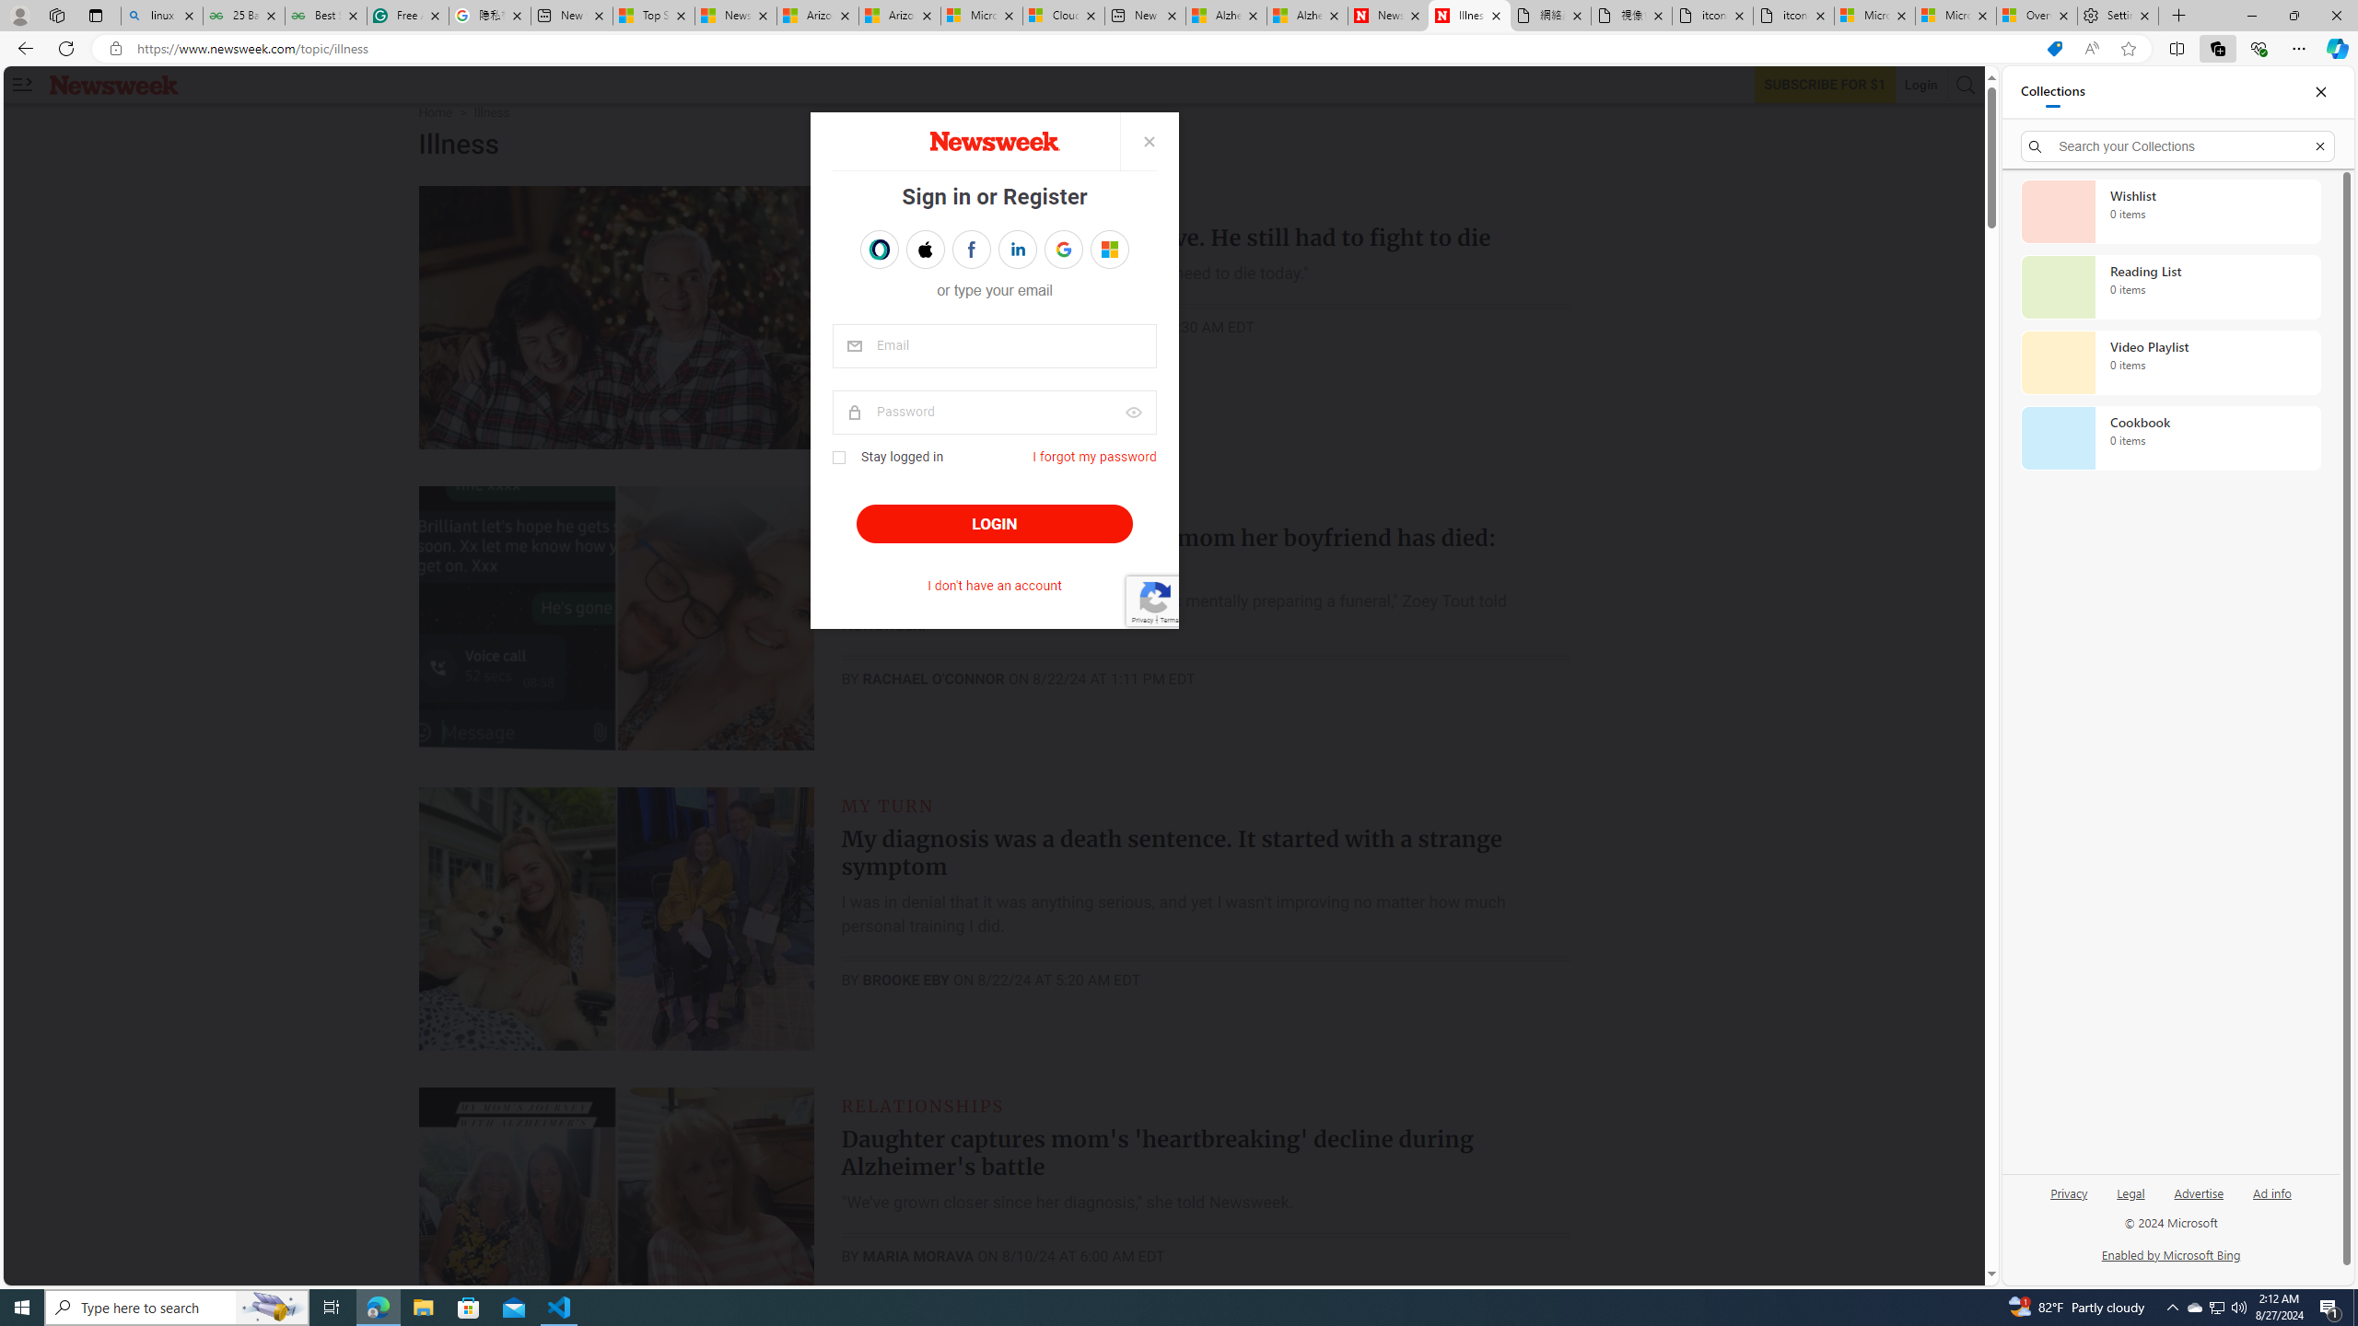 This screenshot has width=2358, height=1326. Describe the element at coordinates (2320, 91) in the screenshot. I see `'Close'` at that location.